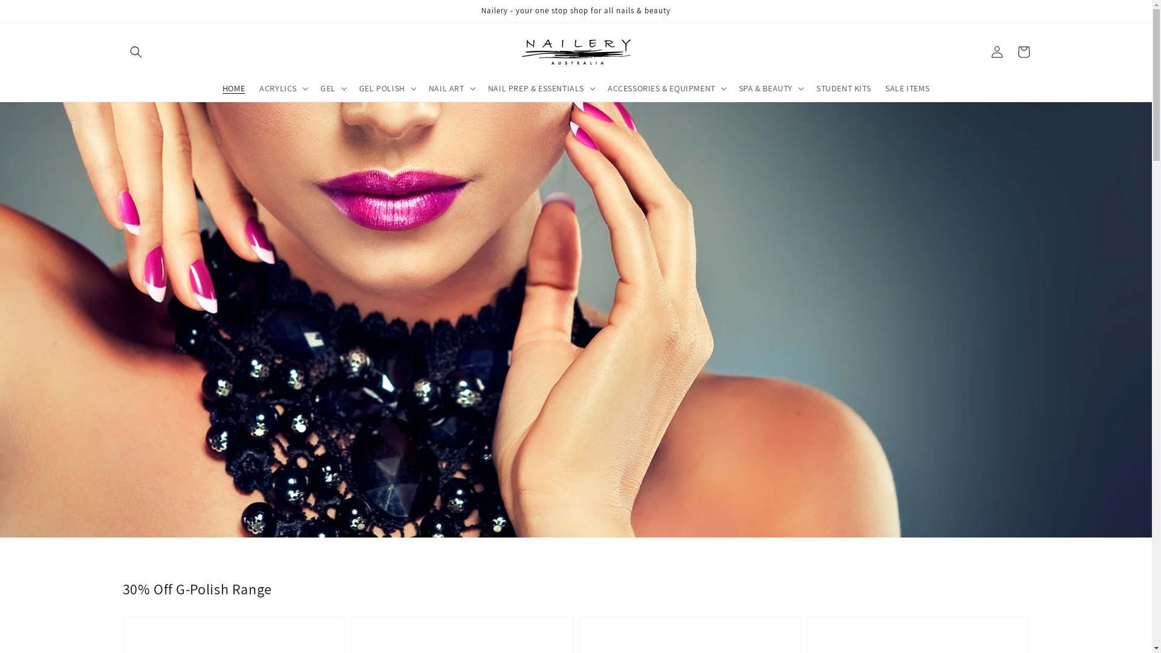 The image size is (1161, 653). Describe the element at coordinates (233, 88) in the screenshot. I see `'HOME'` at that location.